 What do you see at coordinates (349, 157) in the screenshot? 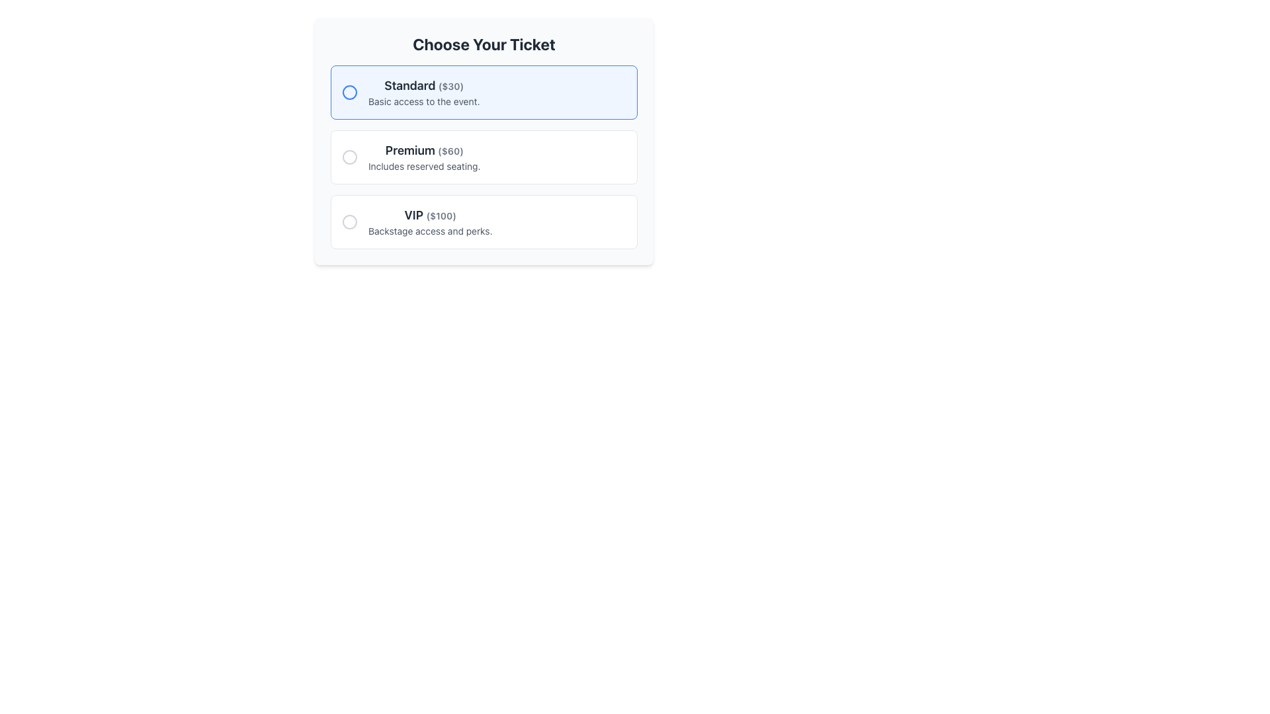
I see `the unselected radio button for the 'Premium ($60) Includes reserved seating.' option` at bounding box center [349, 157].